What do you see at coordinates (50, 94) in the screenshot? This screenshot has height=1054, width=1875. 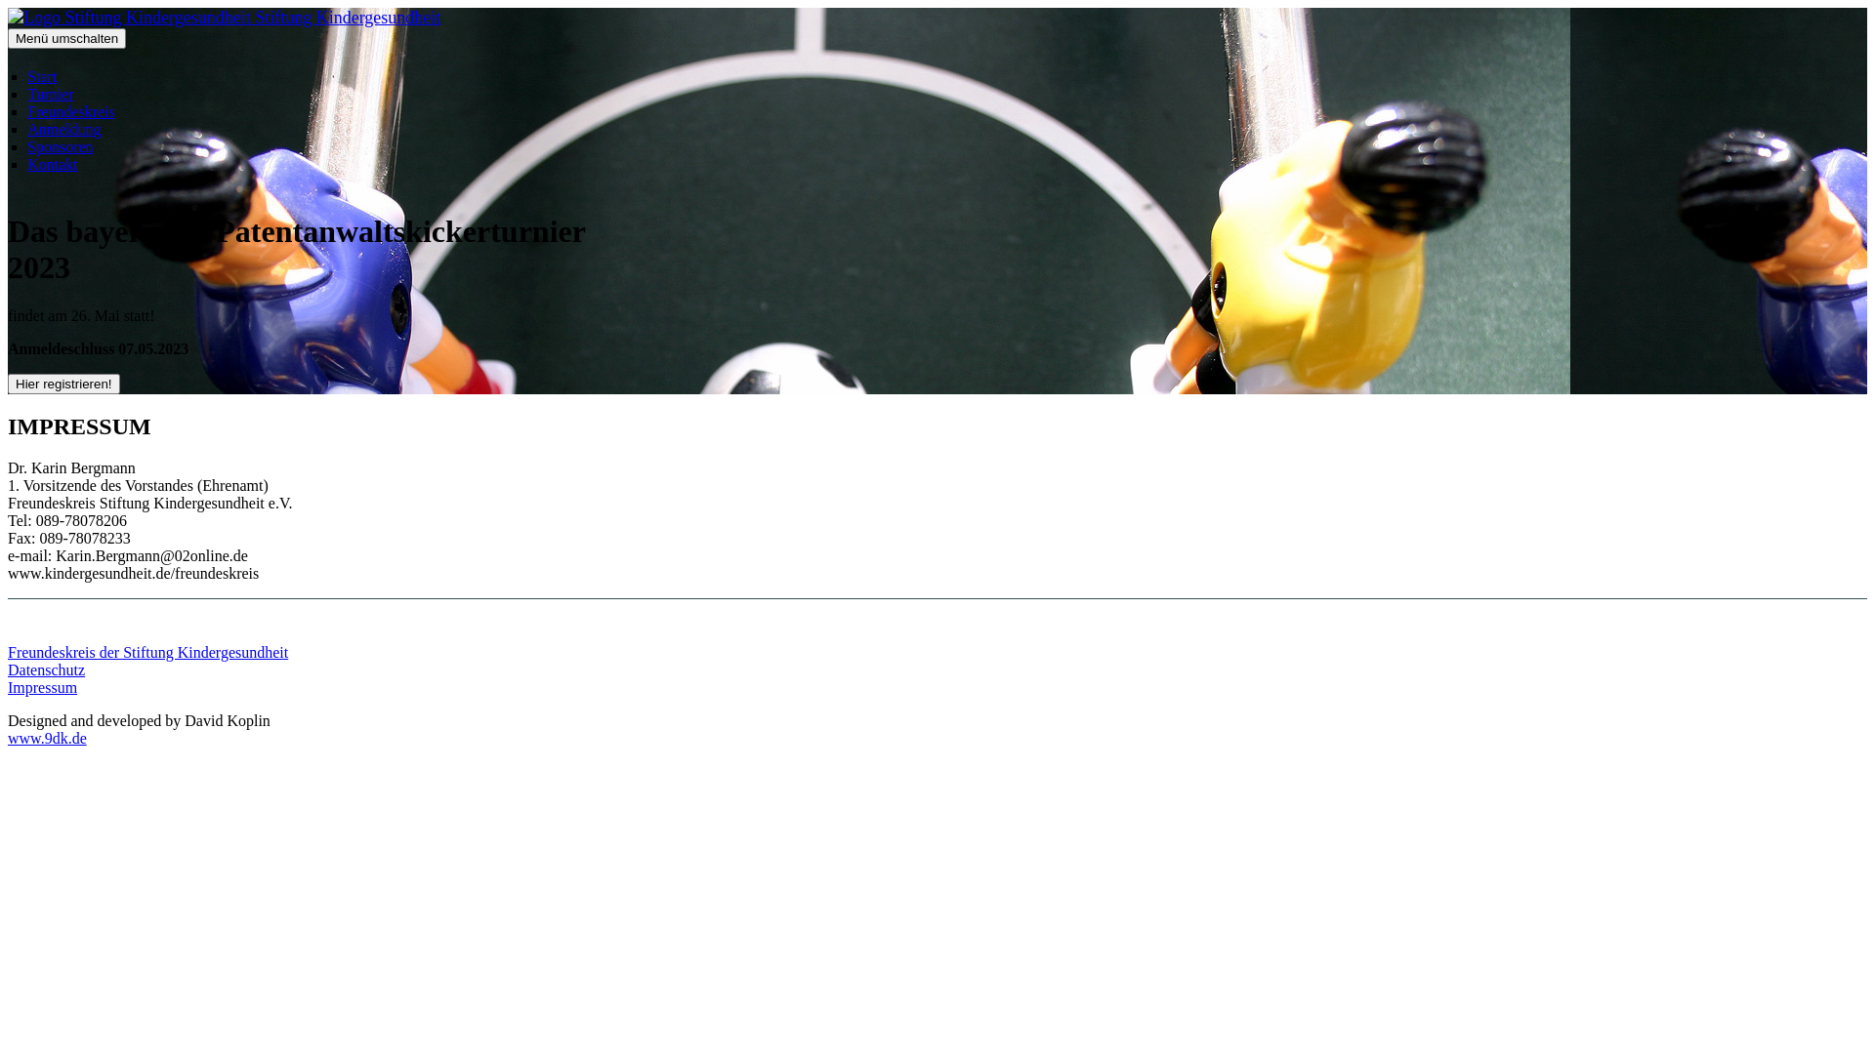 I see `'Turnier'` at bounding box center [50, 94].